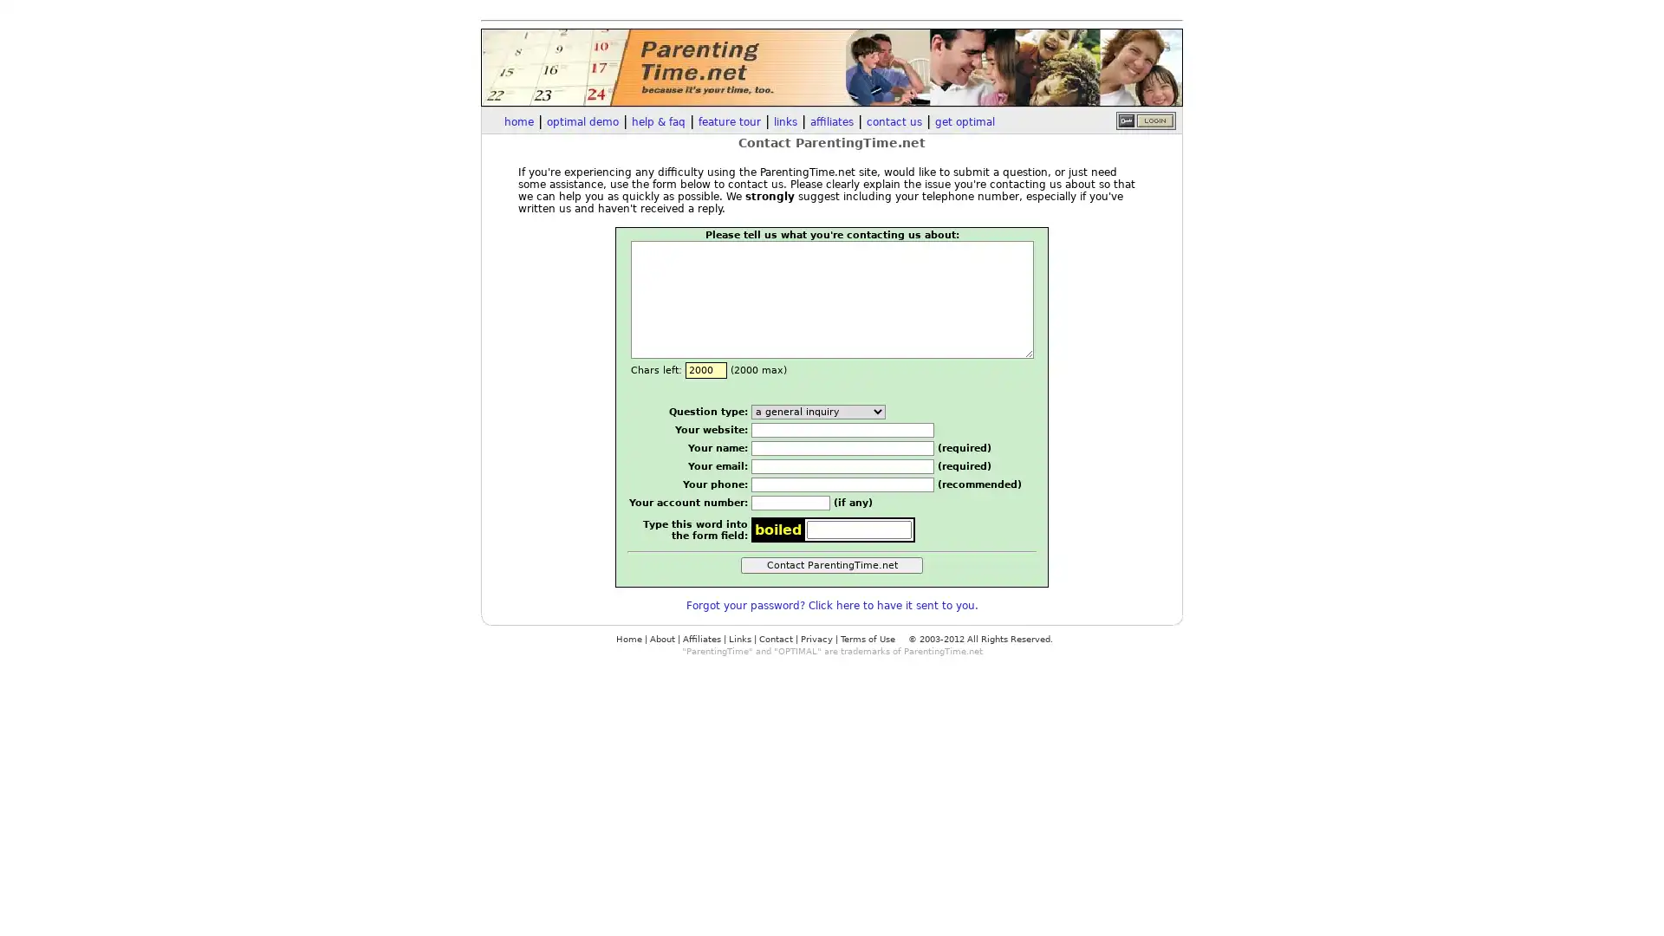  Describe the element at coordinates (832, 565) in the screenshot. I see `Contact ParentingTime.net` at that location.